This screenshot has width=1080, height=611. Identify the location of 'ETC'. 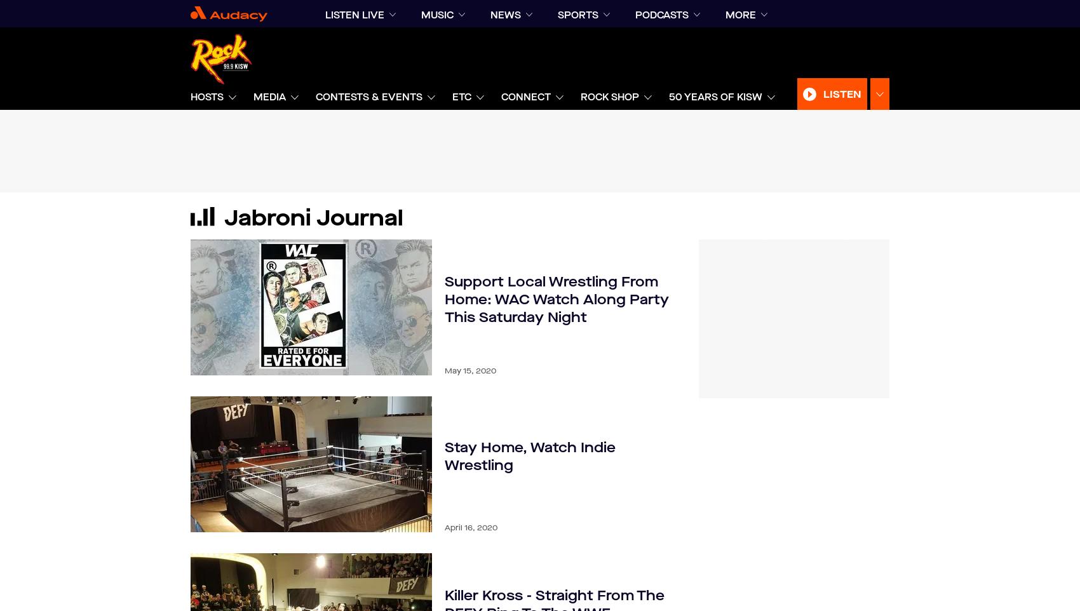
(461, 97).